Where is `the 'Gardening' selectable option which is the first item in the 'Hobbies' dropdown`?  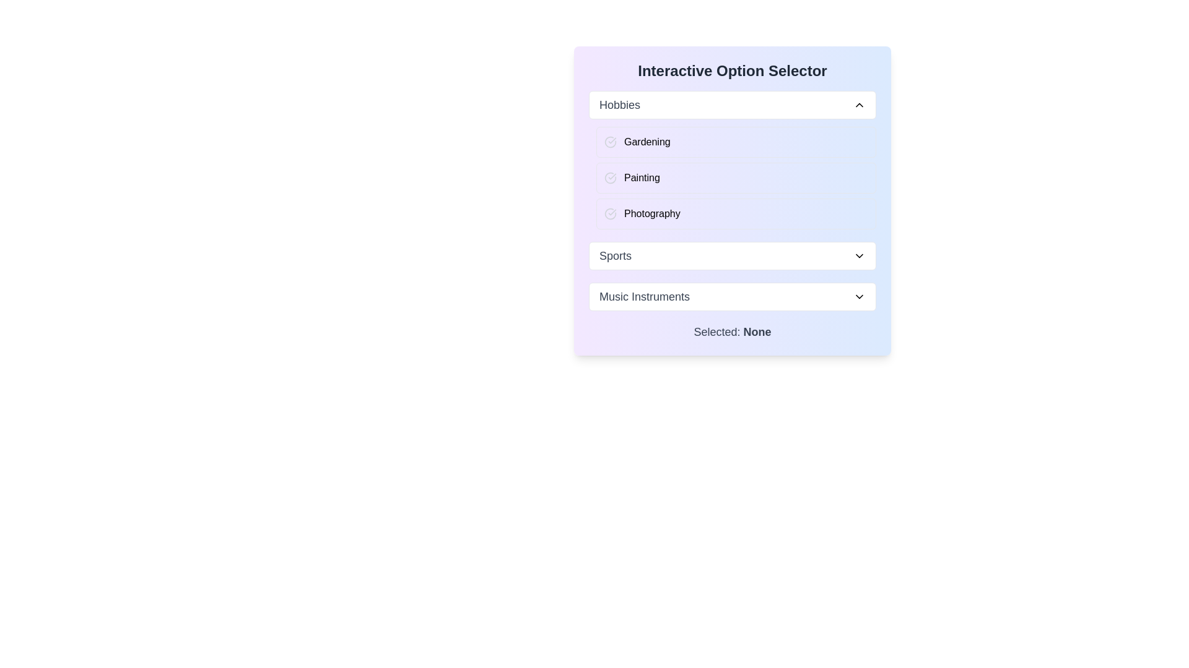
the 'Gardening' selectable option which is the first item in the 'Hobbies' dropdown is located at coordinates (732, 142).